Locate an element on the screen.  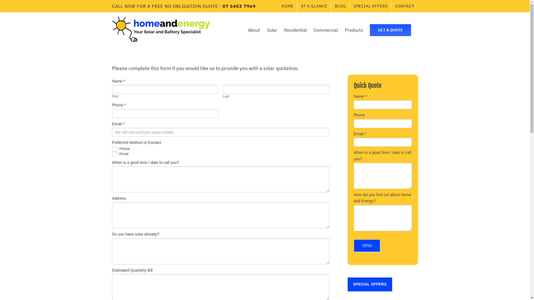
'AT A GLANCE' is located at coordinates (314, 6).